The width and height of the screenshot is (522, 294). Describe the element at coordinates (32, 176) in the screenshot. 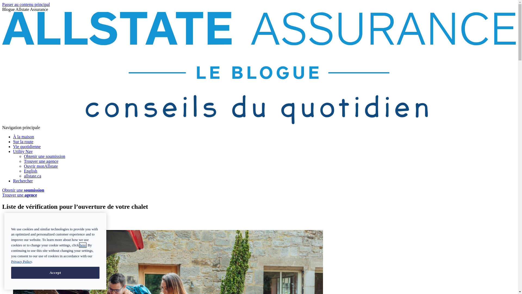

I see `'allstate.ca'` at that location.